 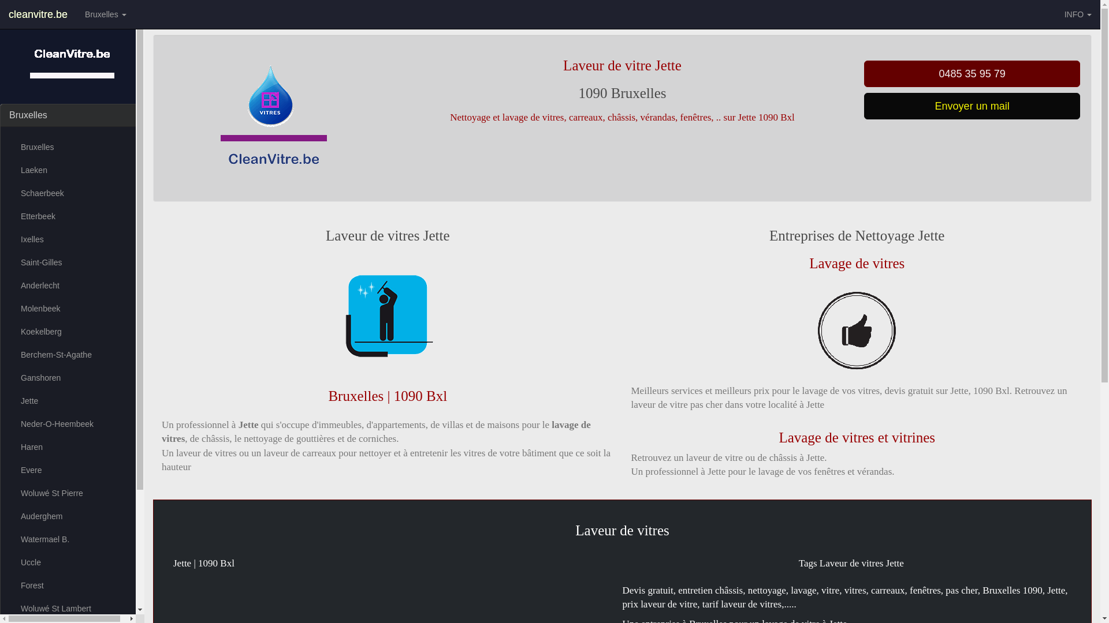 What do you see at coordinates (9, 585) in the screenshot?
I see `'Forest'` at bounding box center [9, 585].